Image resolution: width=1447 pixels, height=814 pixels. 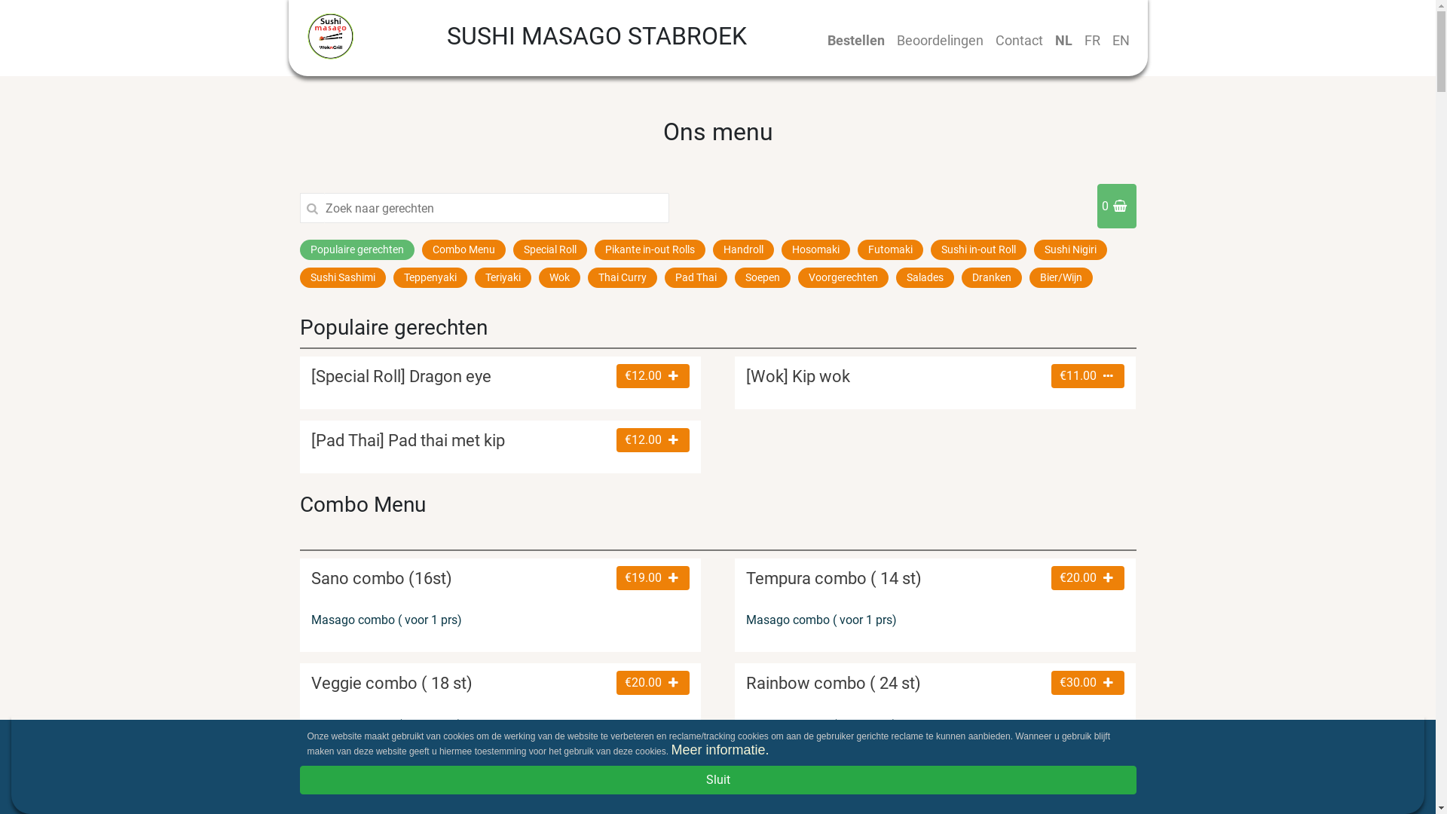 What do you see at coordinates (743, 249) in the screenshot?
I see `'Handroll'` at bounding box center [743, 249].